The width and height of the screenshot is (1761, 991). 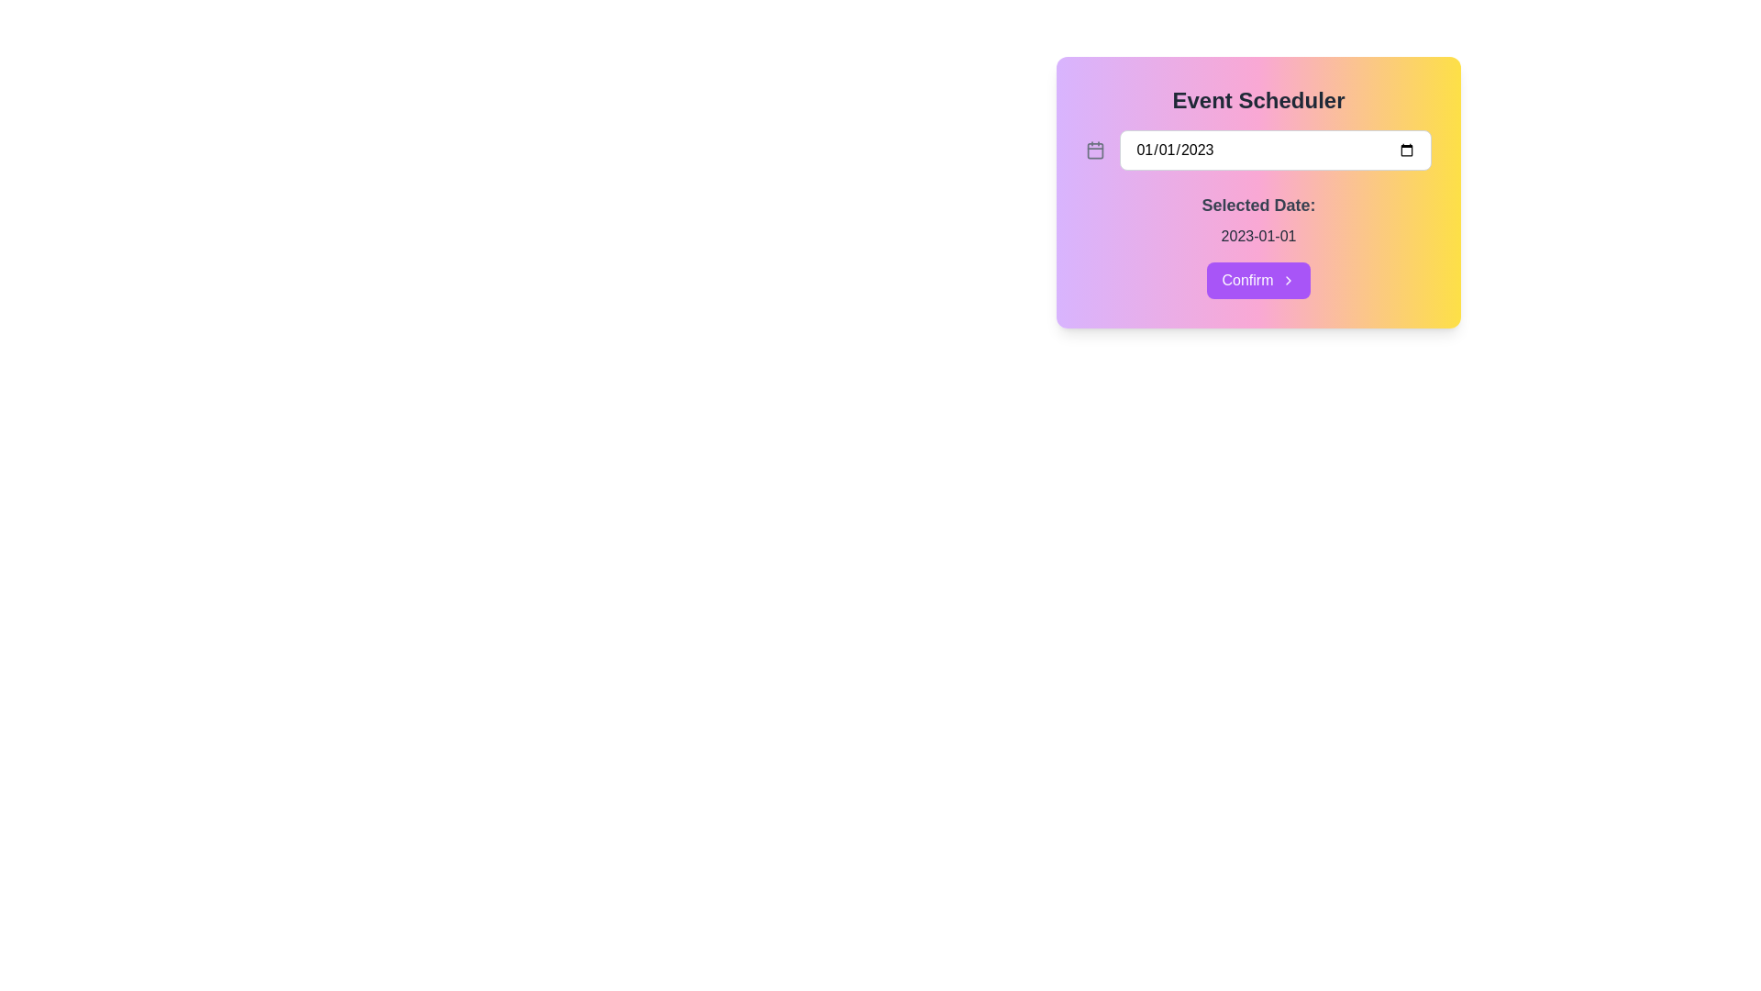 What do you see at coordinates (1257, 218) in the screenshot?
I see `the Label and value display that summarizes the selected date in the 'Event Scheduler' card, located centrally below the date input field and above the 'Confirm' button` at bounding box center [1257, 218].